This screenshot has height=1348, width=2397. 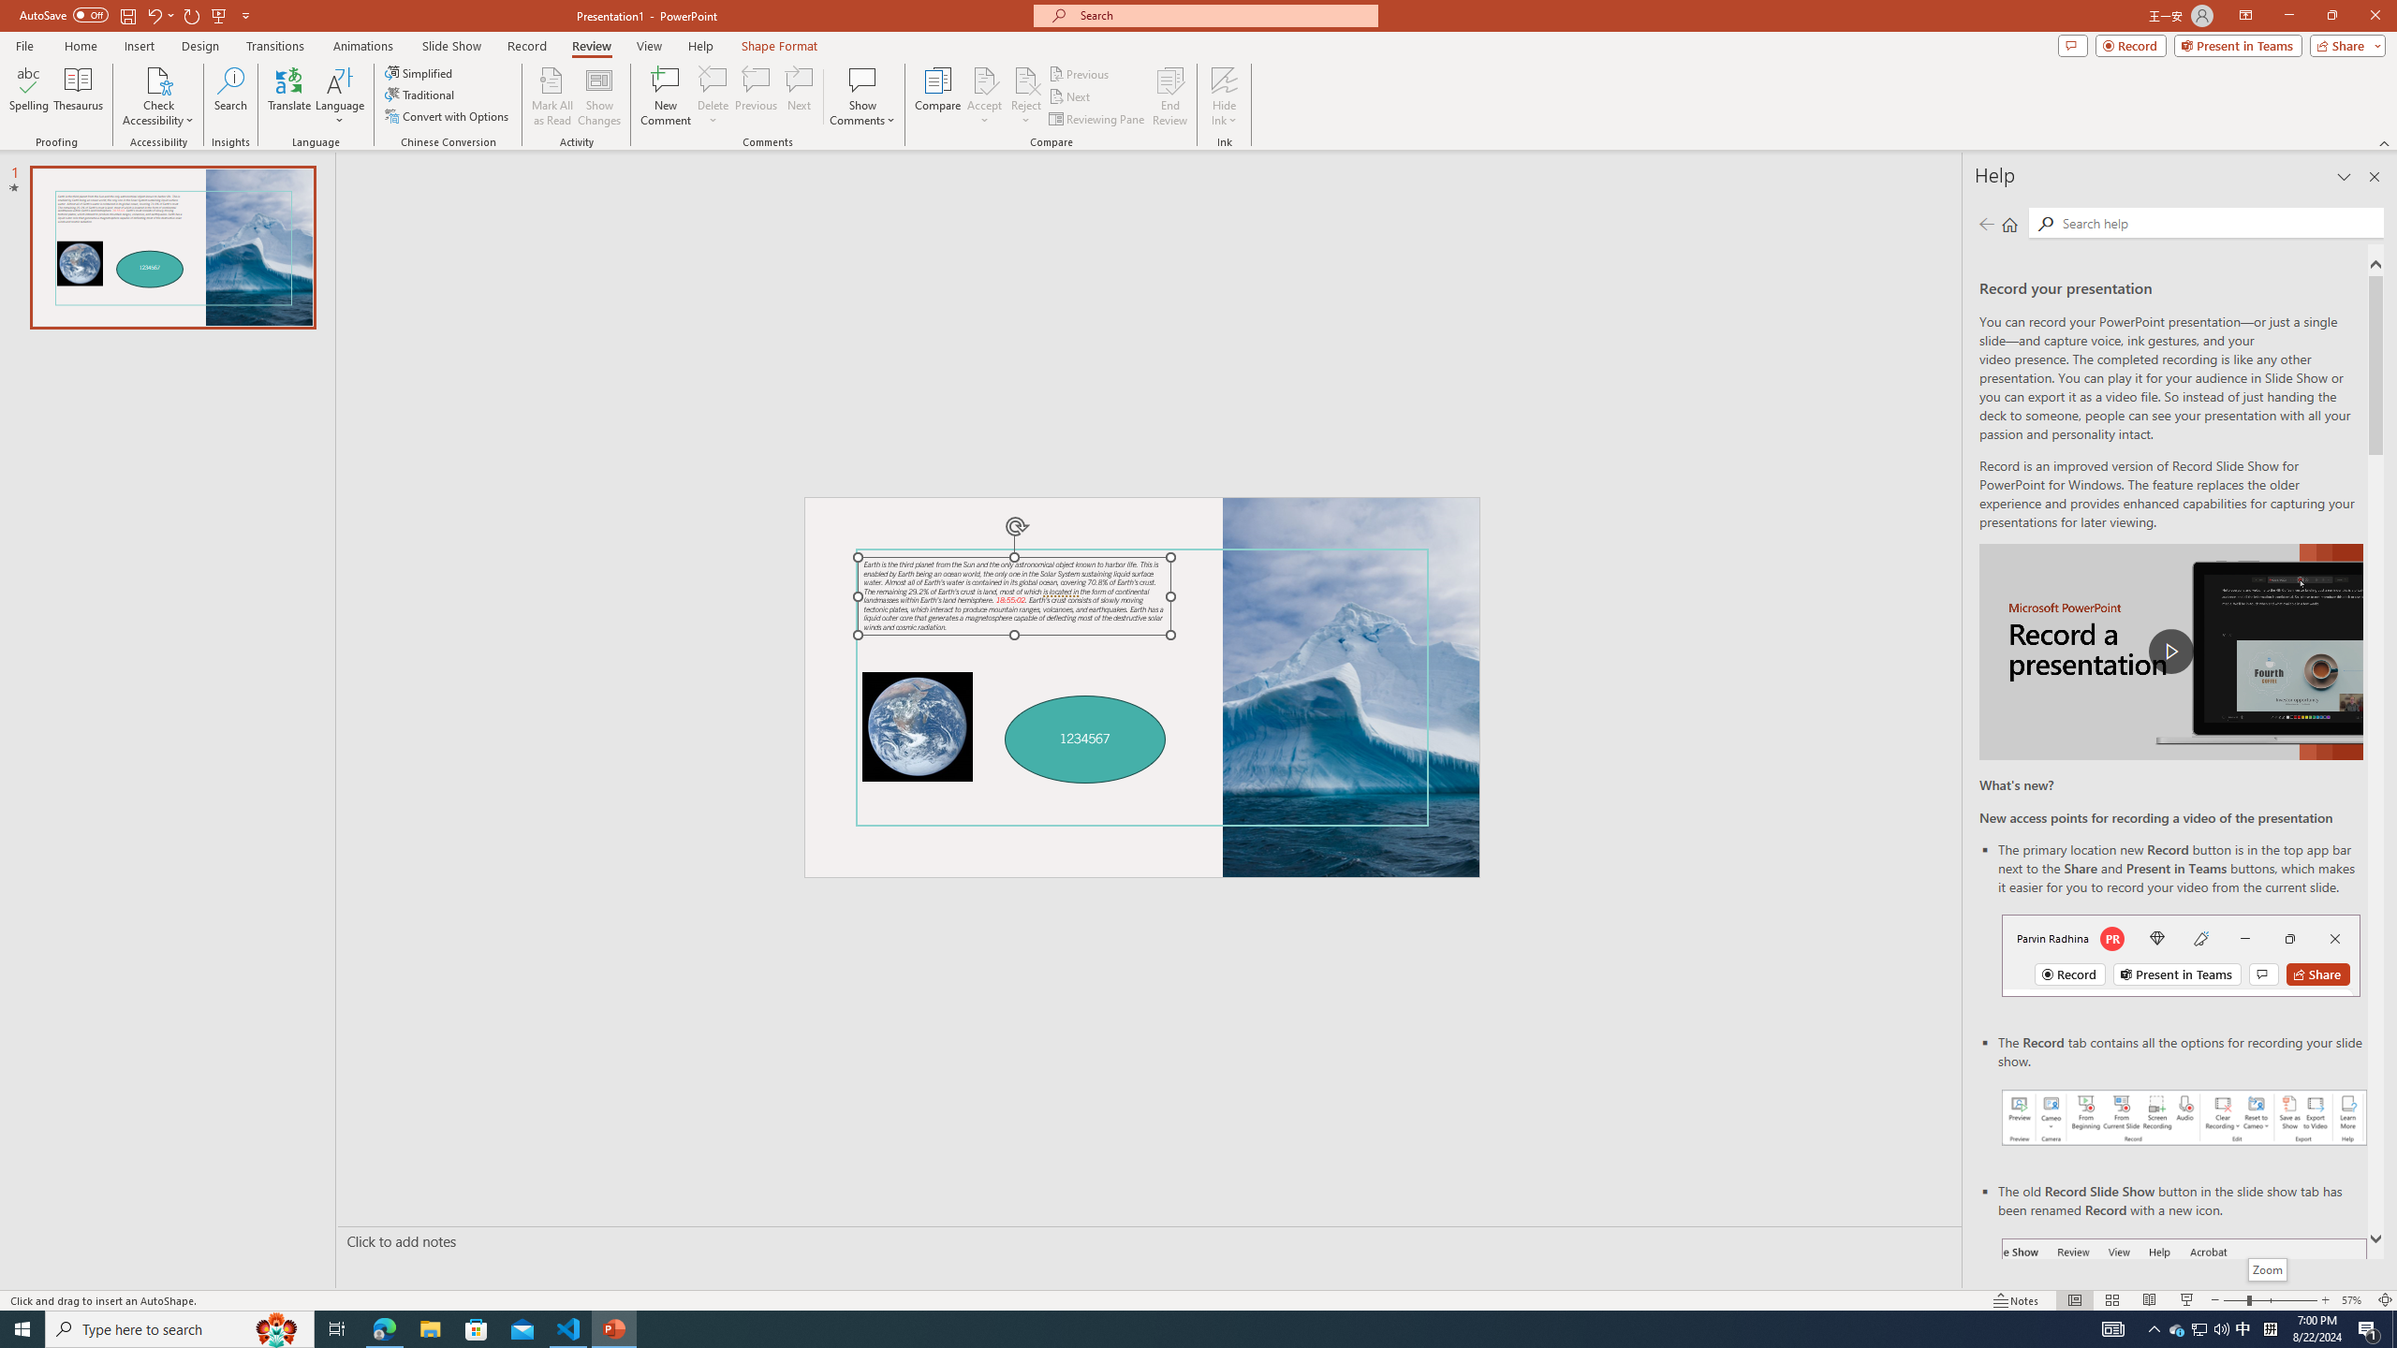 What do you see at coordinates (1080, 73) in the screenshot?
I see `'Previous'` at bounding box center [1080, 73].